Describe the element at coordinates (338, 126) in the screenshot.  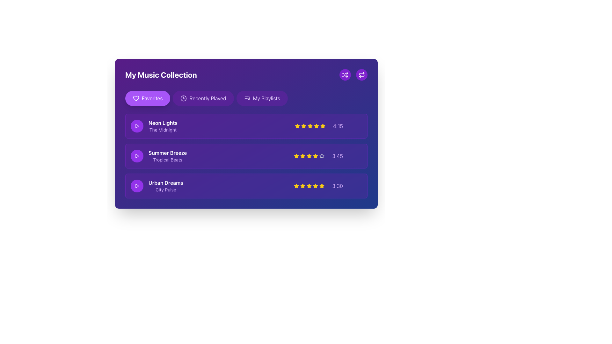
I see `numeric text label displaying '4:15' styled in purple, located rightmost to a series of five yellow stars in the first row of the playlist items` at that location.